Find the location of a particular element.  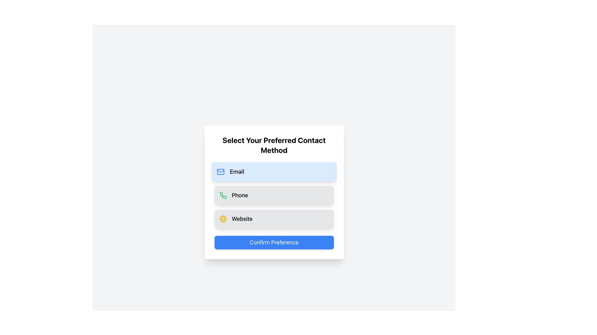

the 'Email' text label which indicates the email communication option in the contact methods list is located at coordinates (236, 172).